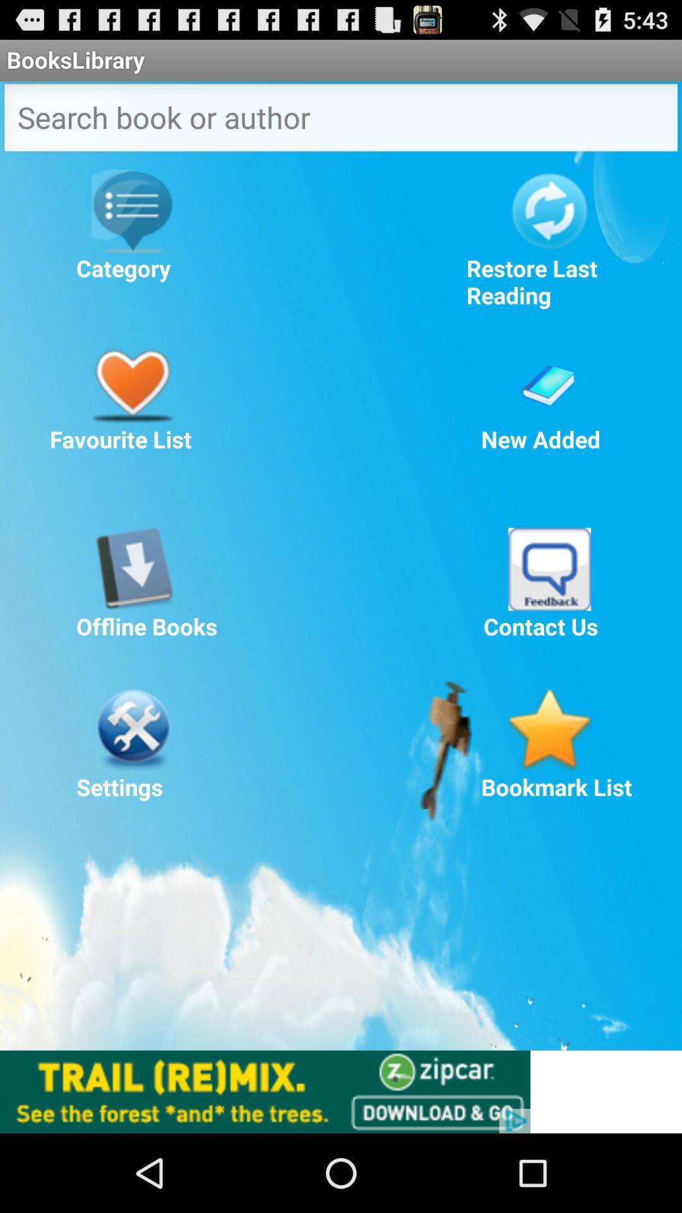  Describe the element at coordinates (341, 121) in the screenshot. I see `search book or author` at that location.